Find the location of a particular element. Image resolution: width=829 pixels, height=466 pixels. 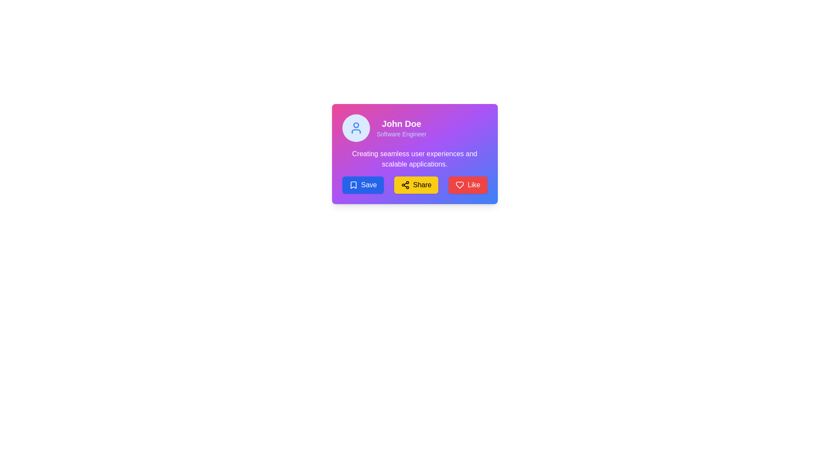

the text block containing the phrase 'Creating seamless user experiences and scalable applications.' which is positioned centrally within a colorful card, below the user details section and above a row of buttons is located at coordinates (414, 159).